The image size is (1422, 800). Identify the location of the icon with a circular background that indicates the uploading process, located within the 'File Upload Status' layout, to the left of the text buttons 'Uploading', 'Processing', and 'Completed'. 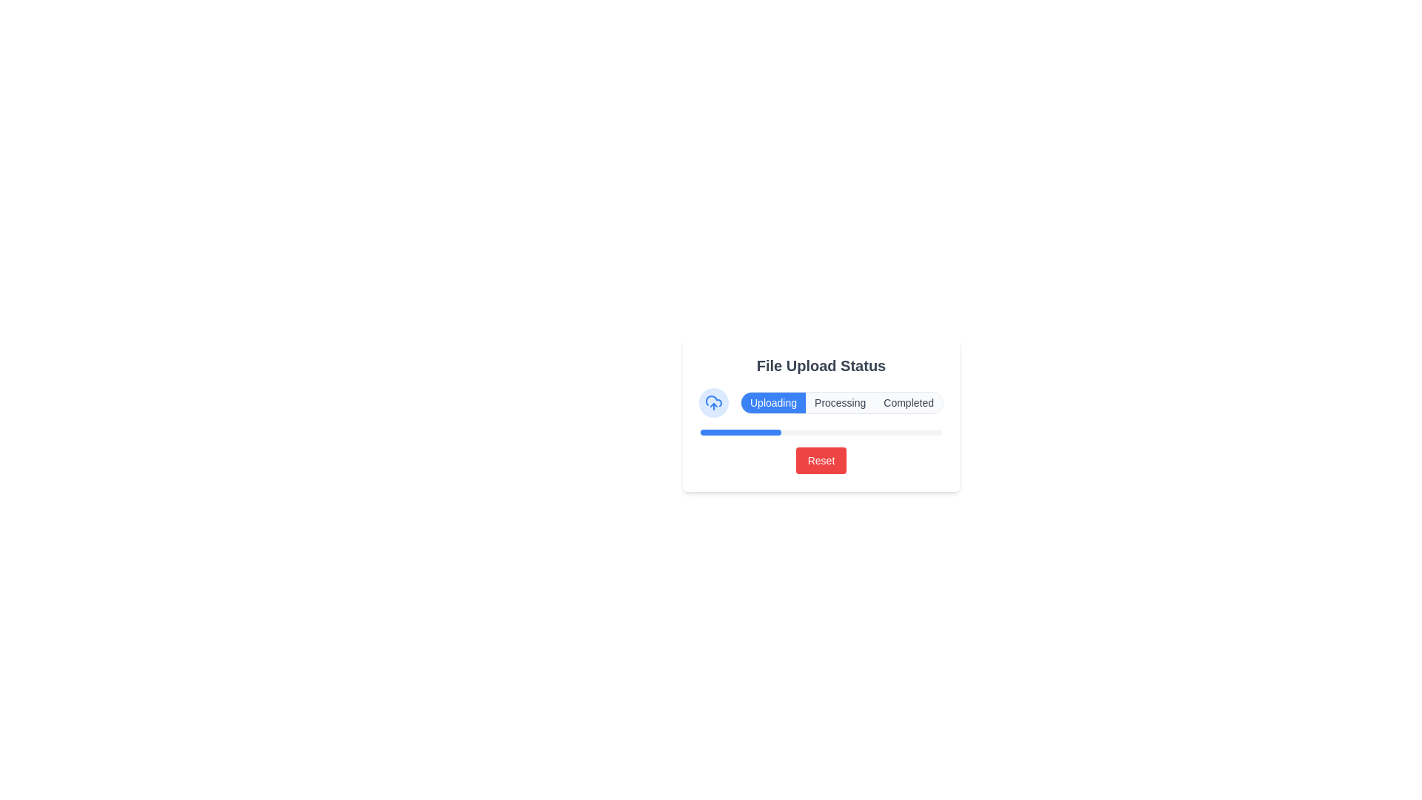
(714, 402).